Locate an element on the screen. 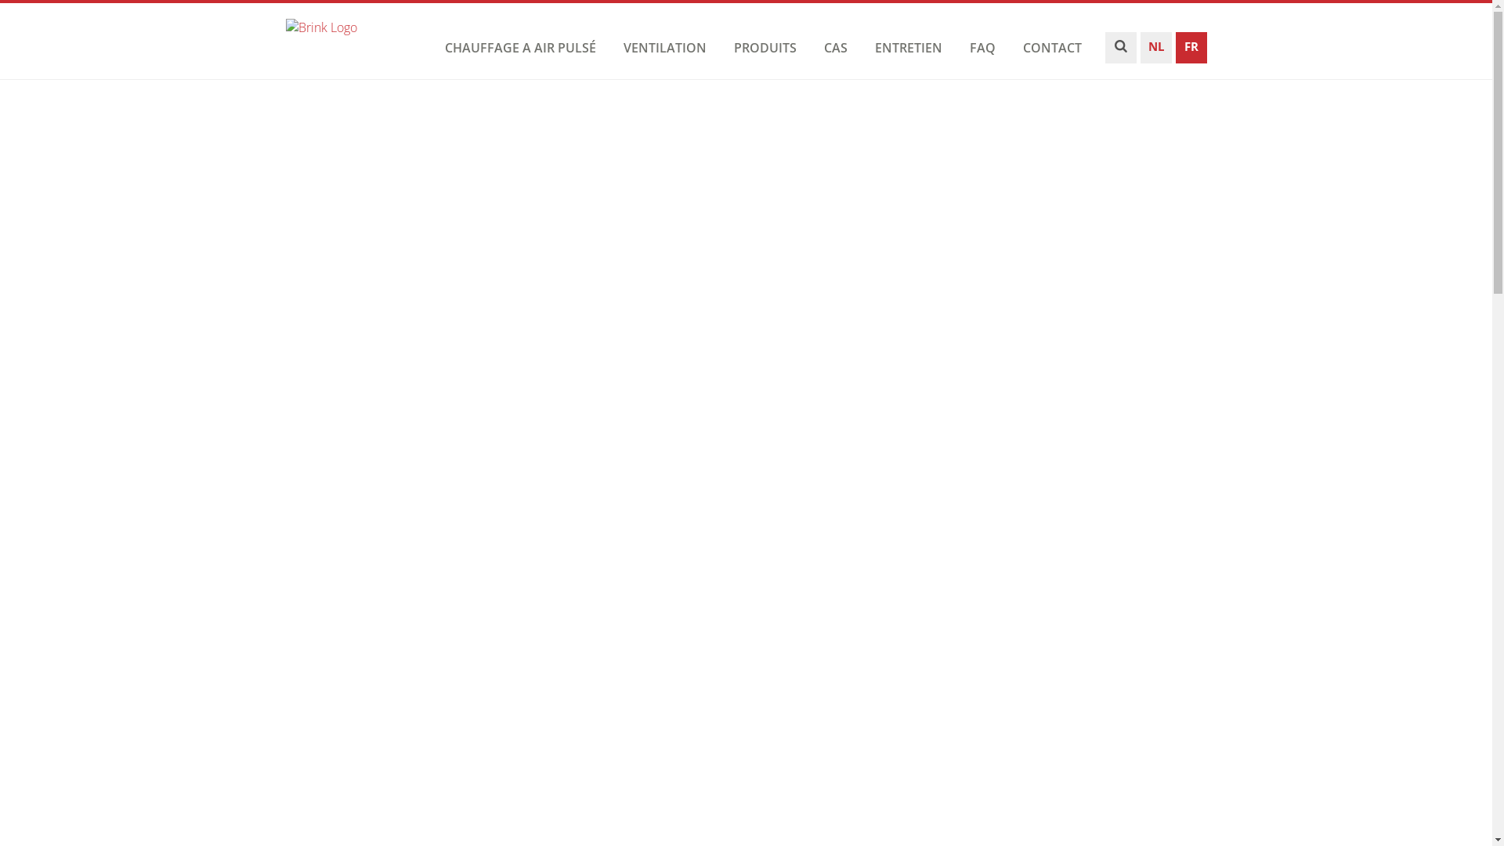  'NL' is located at coordinates (1156, 50).